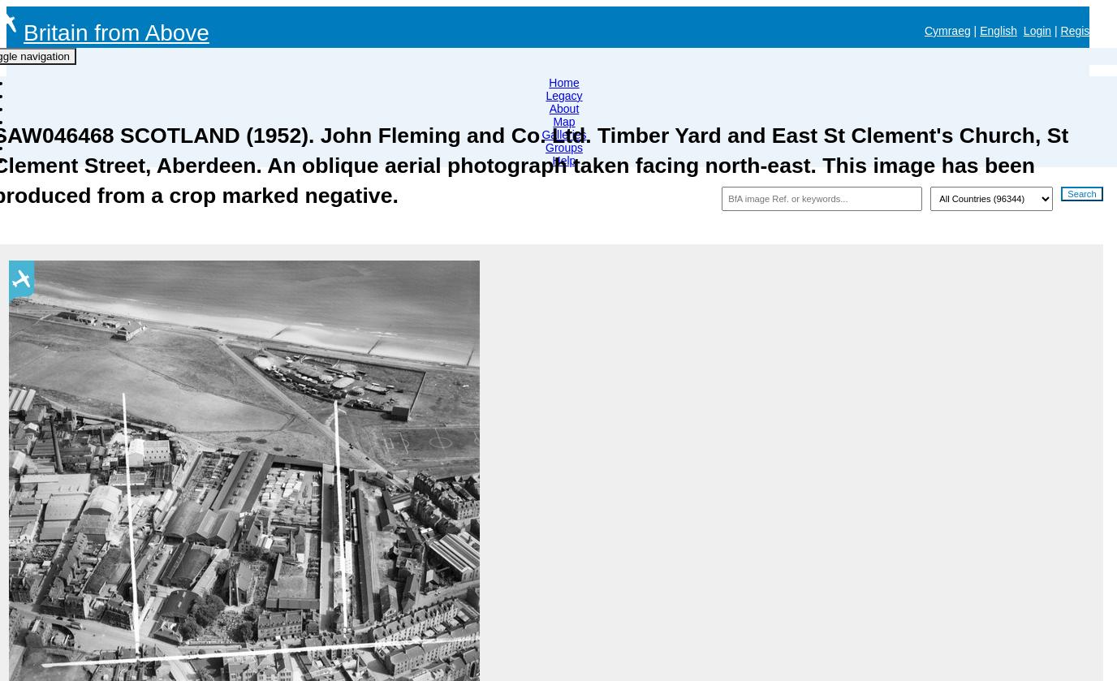  Describe the element at coordinates (998, 31) in the screenshot. I see `'English'` at that location.